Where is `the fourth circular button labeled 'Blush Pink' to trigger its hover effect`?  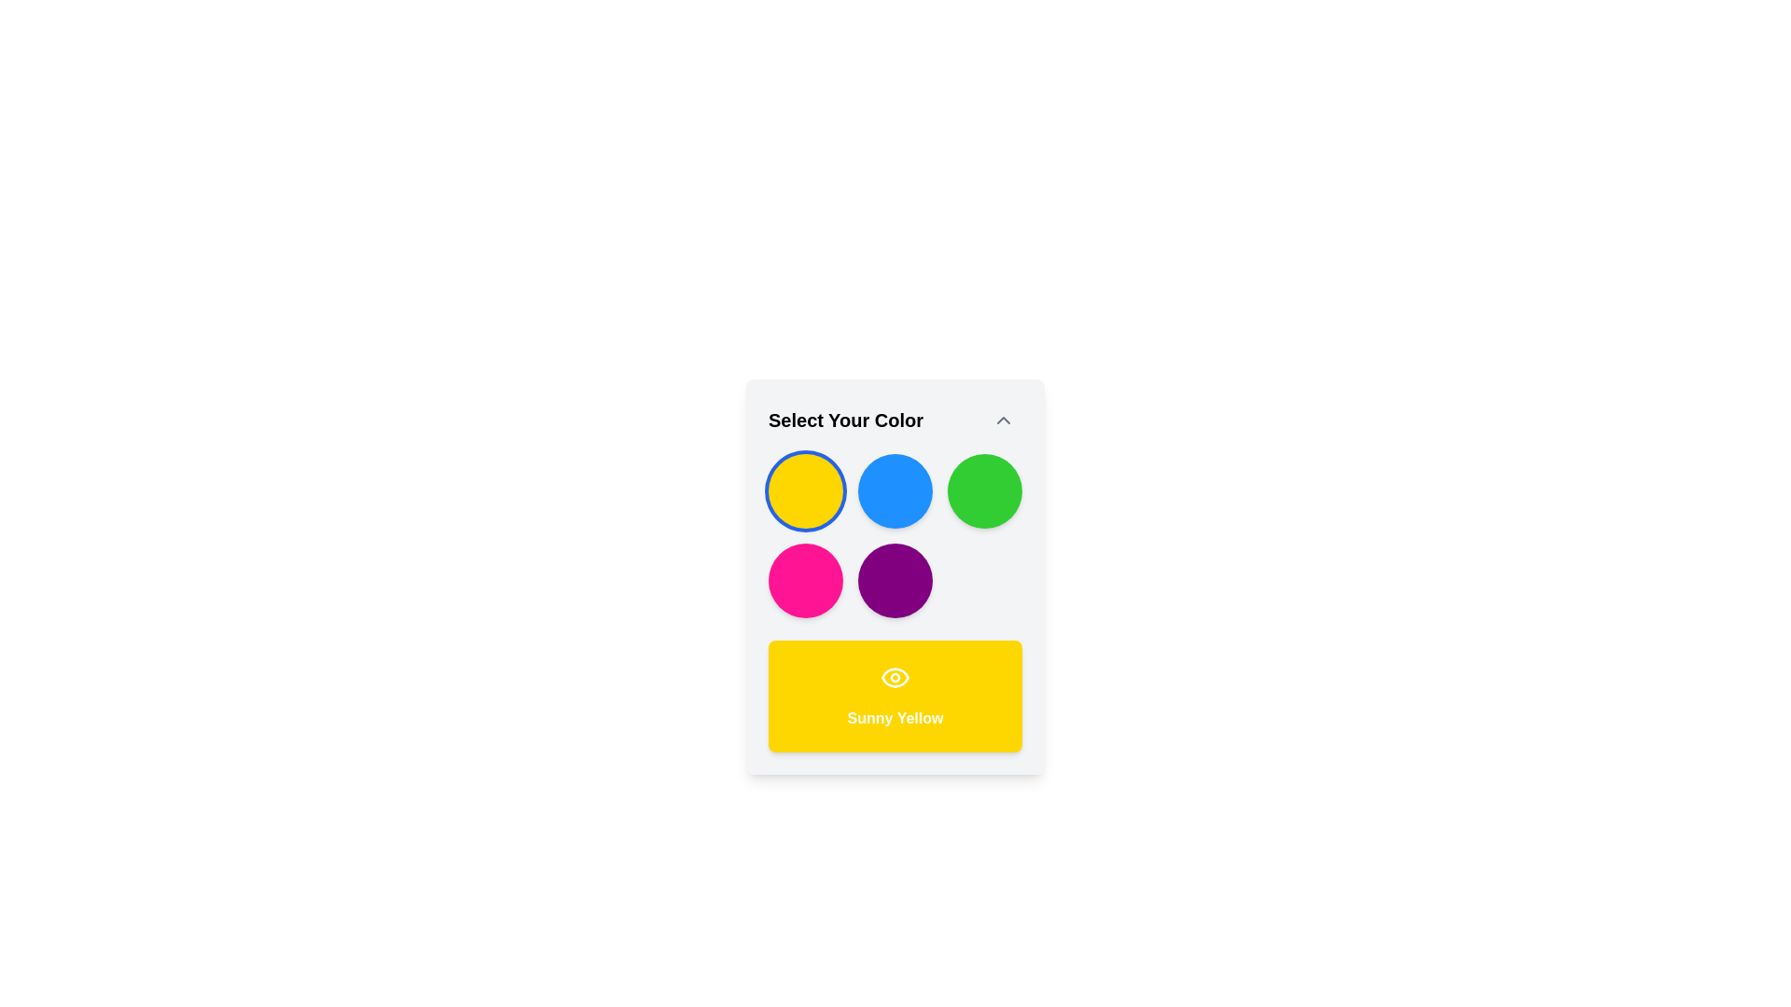 the fourth circular button labeled 'Blush Pink' to trigger its hover effect is located at coordinates (806, 580).